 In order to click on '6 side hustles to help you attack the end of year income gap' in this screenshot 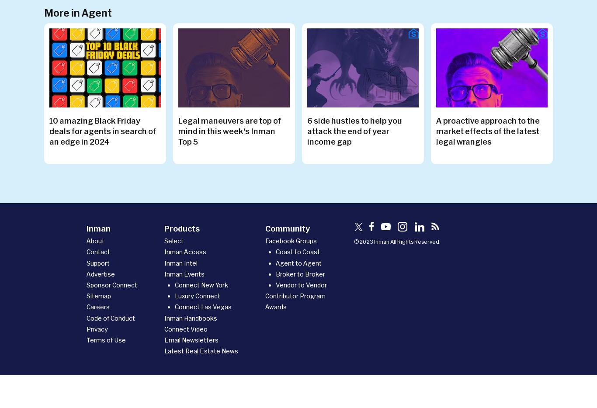, I will do `click(354, 130)`.